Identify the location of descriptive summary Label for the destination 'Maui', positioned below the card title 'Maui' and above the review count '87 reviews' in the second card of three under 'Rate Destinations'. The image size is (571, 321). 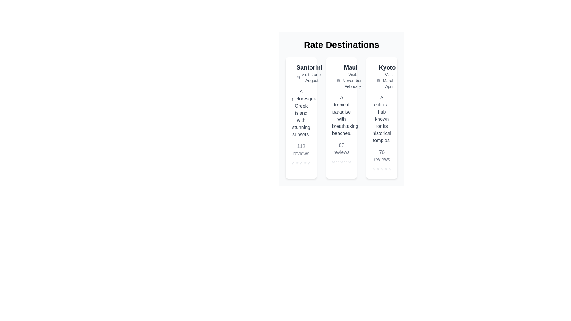
(341, 116).